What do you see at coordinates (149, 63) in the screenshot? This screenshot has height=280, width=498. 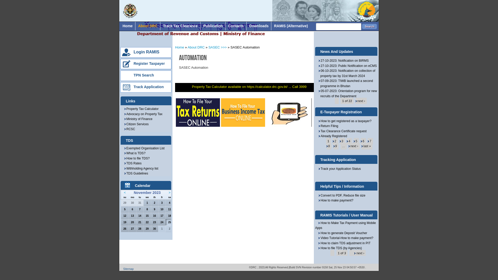 I see `'Register Taxpayer'` at bounding box center [149, 63].